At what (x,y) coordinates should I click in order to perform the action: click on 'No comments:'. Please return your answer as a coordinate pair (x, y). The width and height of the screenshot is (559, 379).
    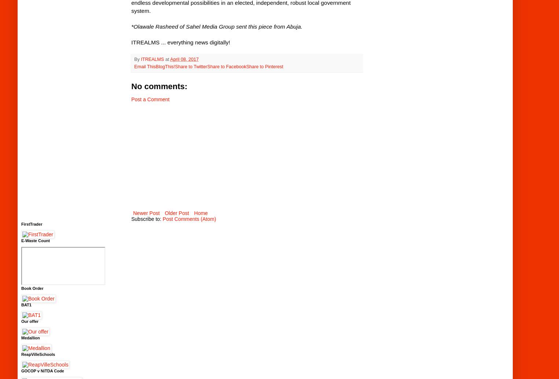
    Looking at the image, I should click on (131, 85).